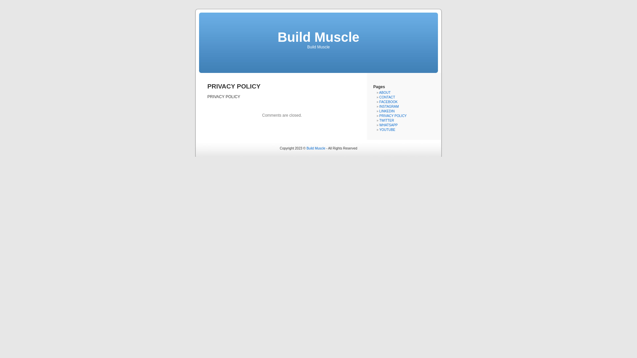  Describe the element at coordinates (379, 106) in the screenshot. I see `'INSTAGRAM'` at that location.